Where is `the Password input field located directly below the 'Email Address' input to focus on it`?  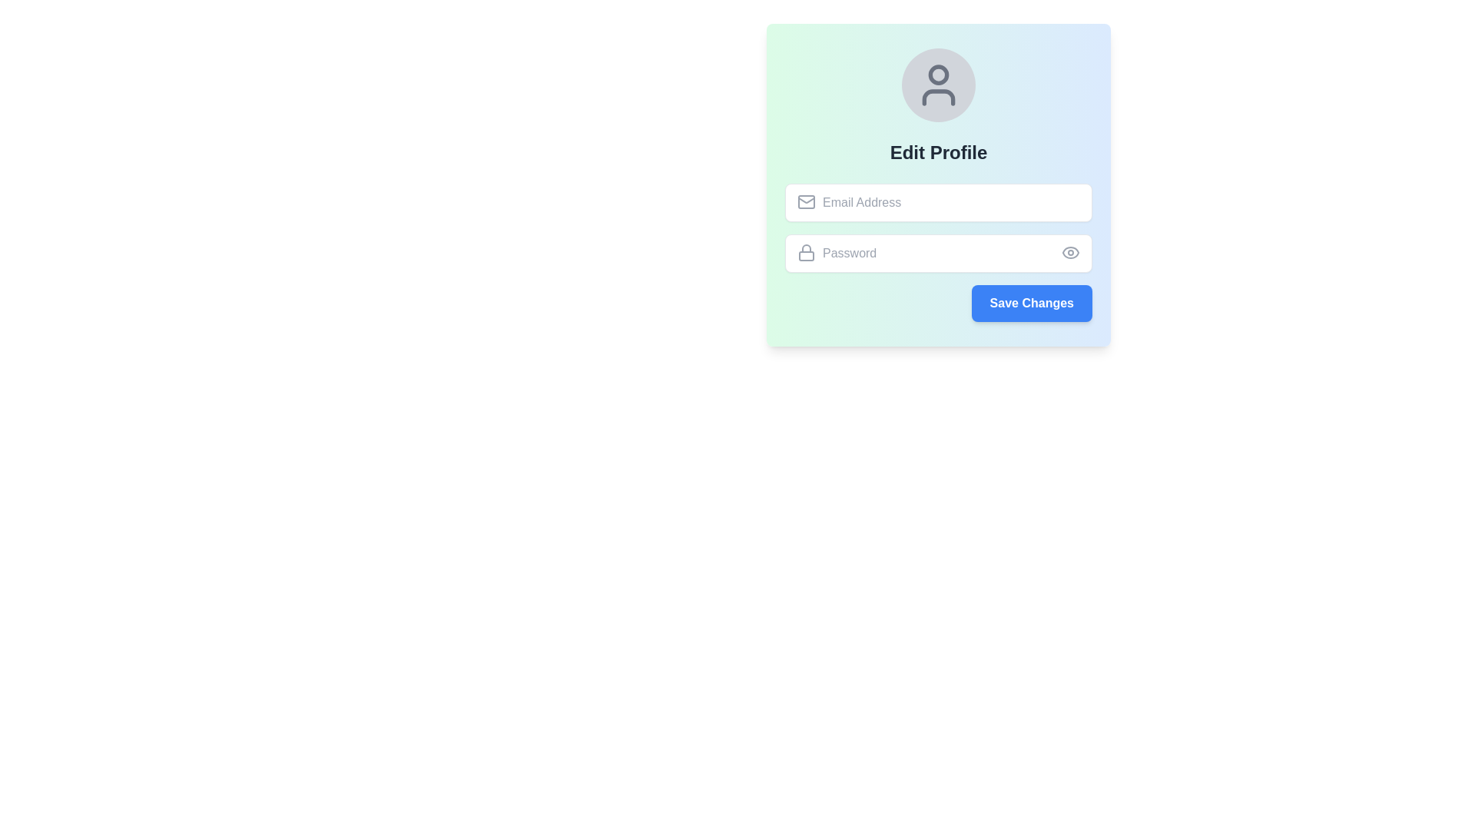 the Password input field located directly below the 'Email Address' input to focus on it is located at coordinates (938, 251).